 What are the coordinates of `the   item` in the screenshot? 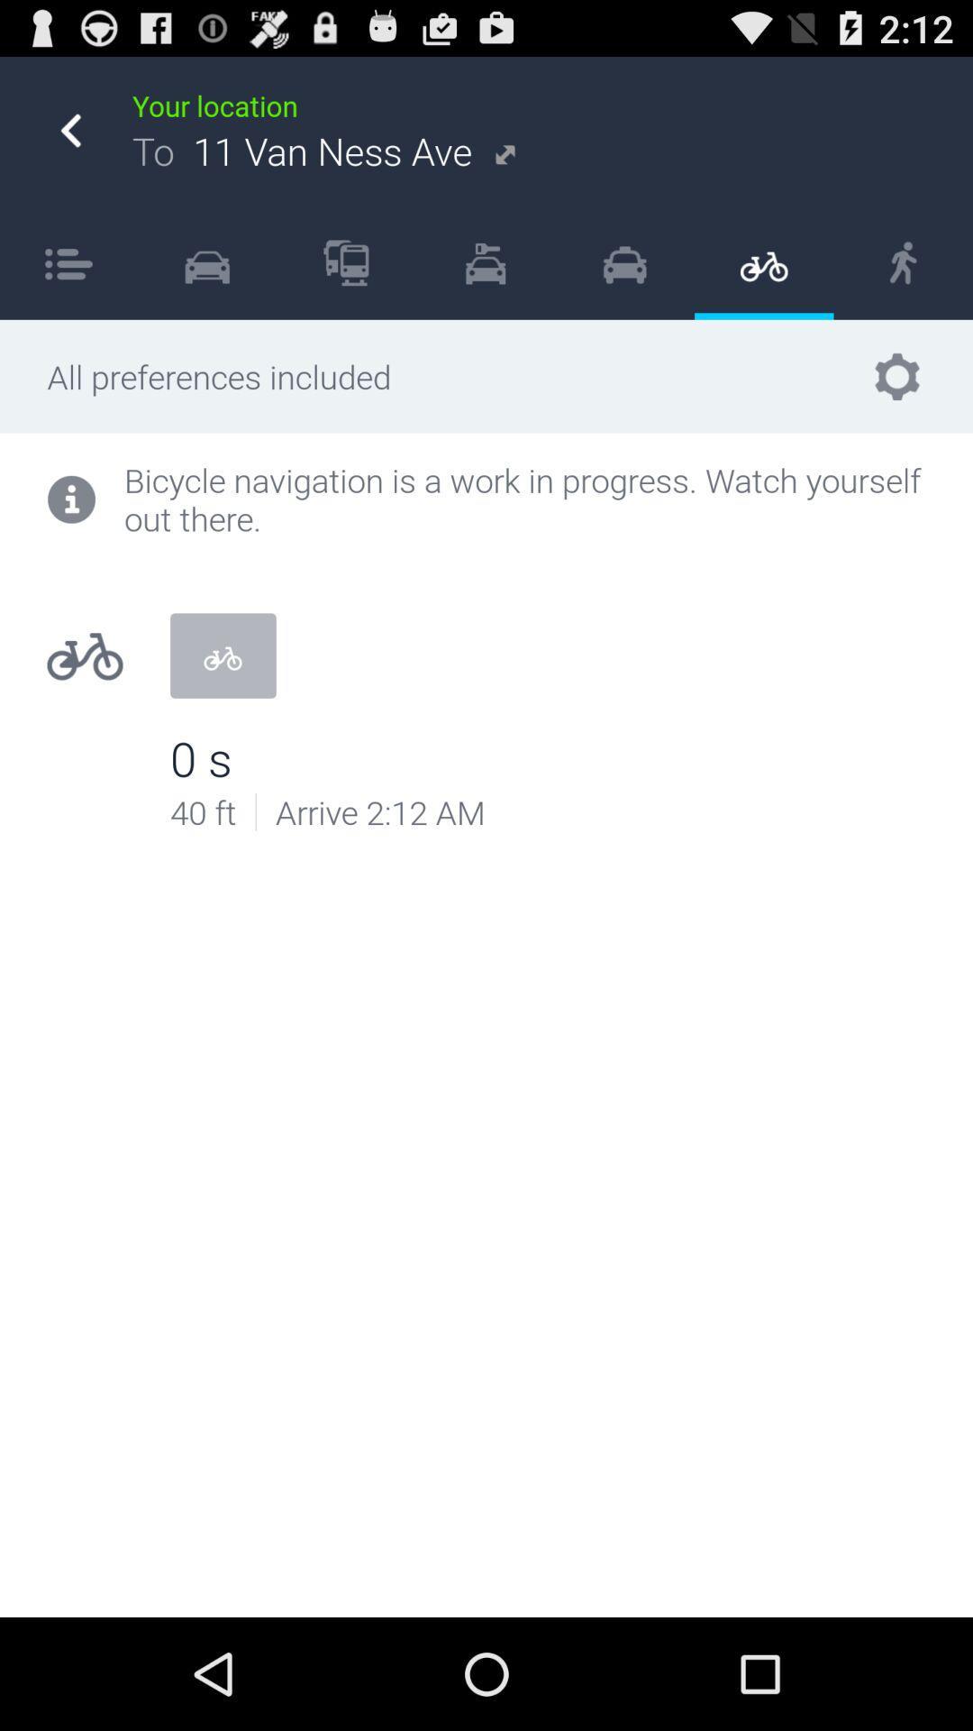 It's located at (623, 261).